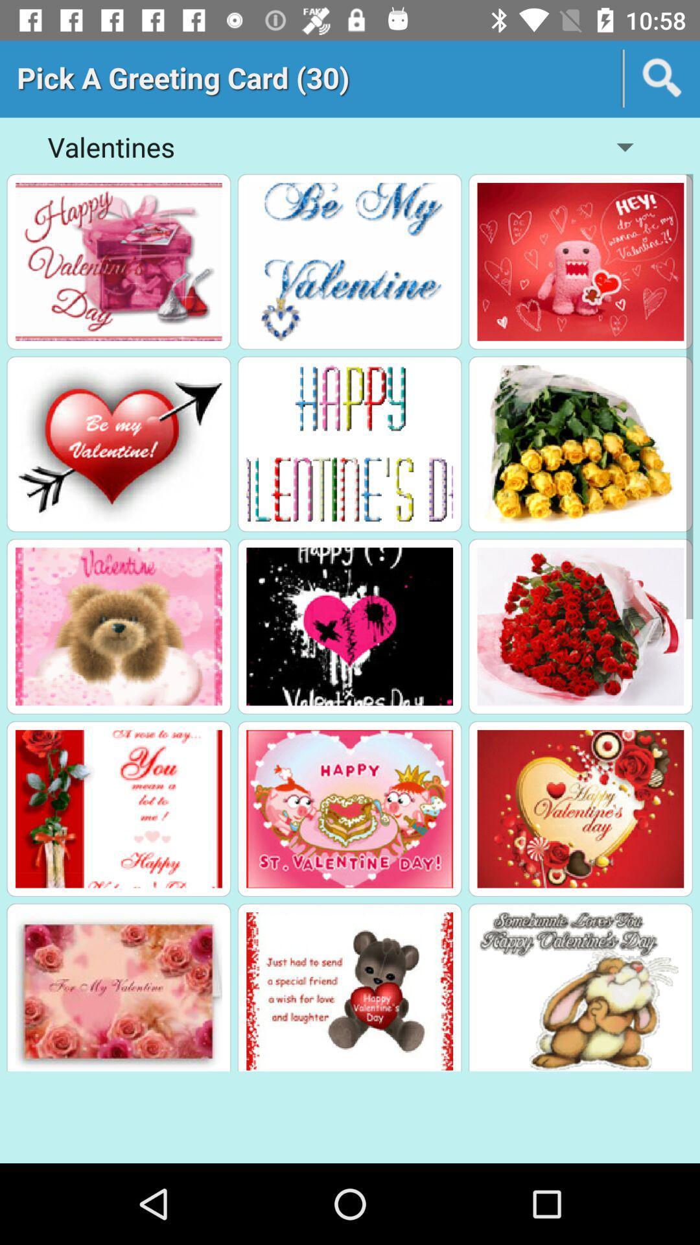 Image resolution: width=700 pixels, height=1245 pixels. I want to click on valentine days options, so click(119, 808).